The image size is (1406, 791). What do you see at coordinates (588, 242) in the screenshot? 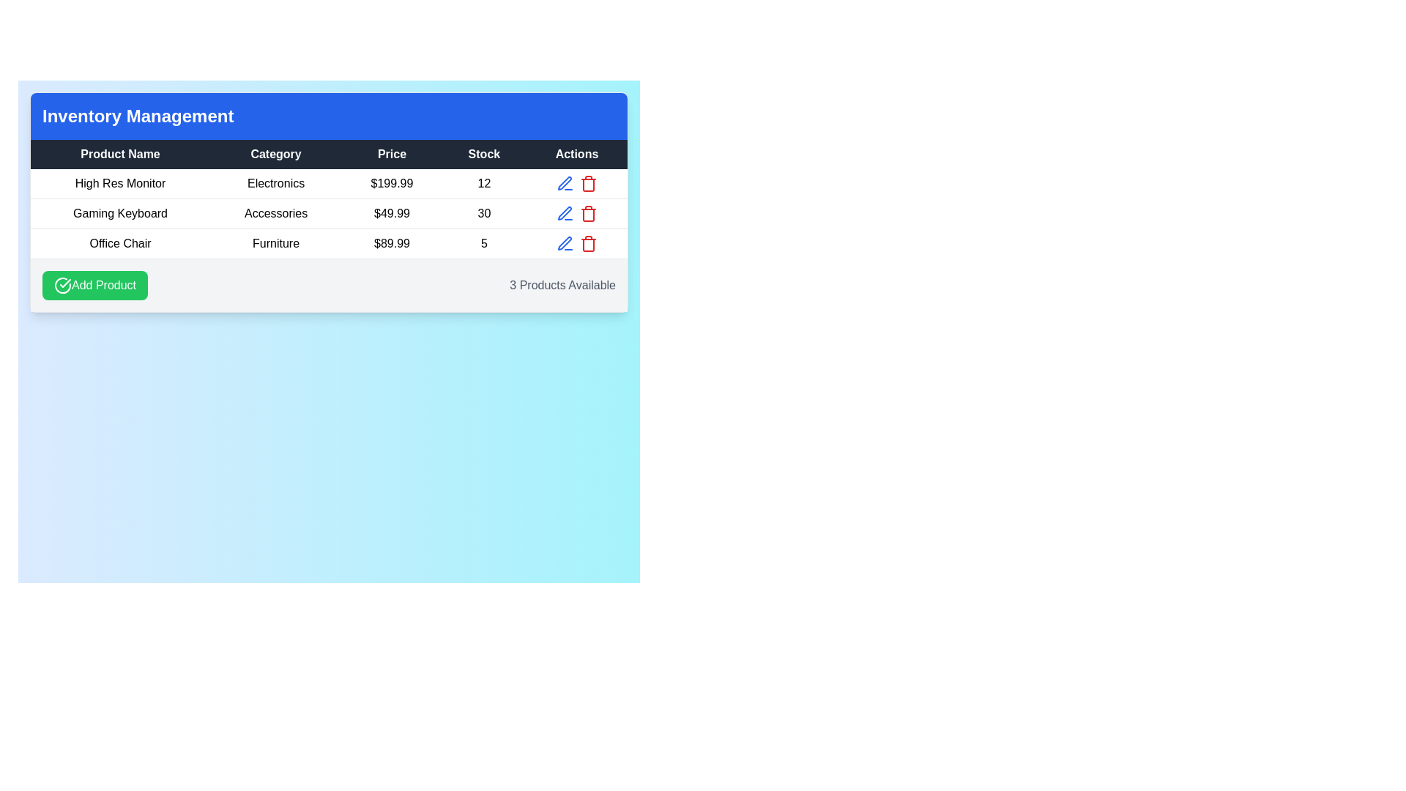
I see `the delete button for the 'Office Chair' item in the last row of the Actions column` at bounding box center [588, 242].